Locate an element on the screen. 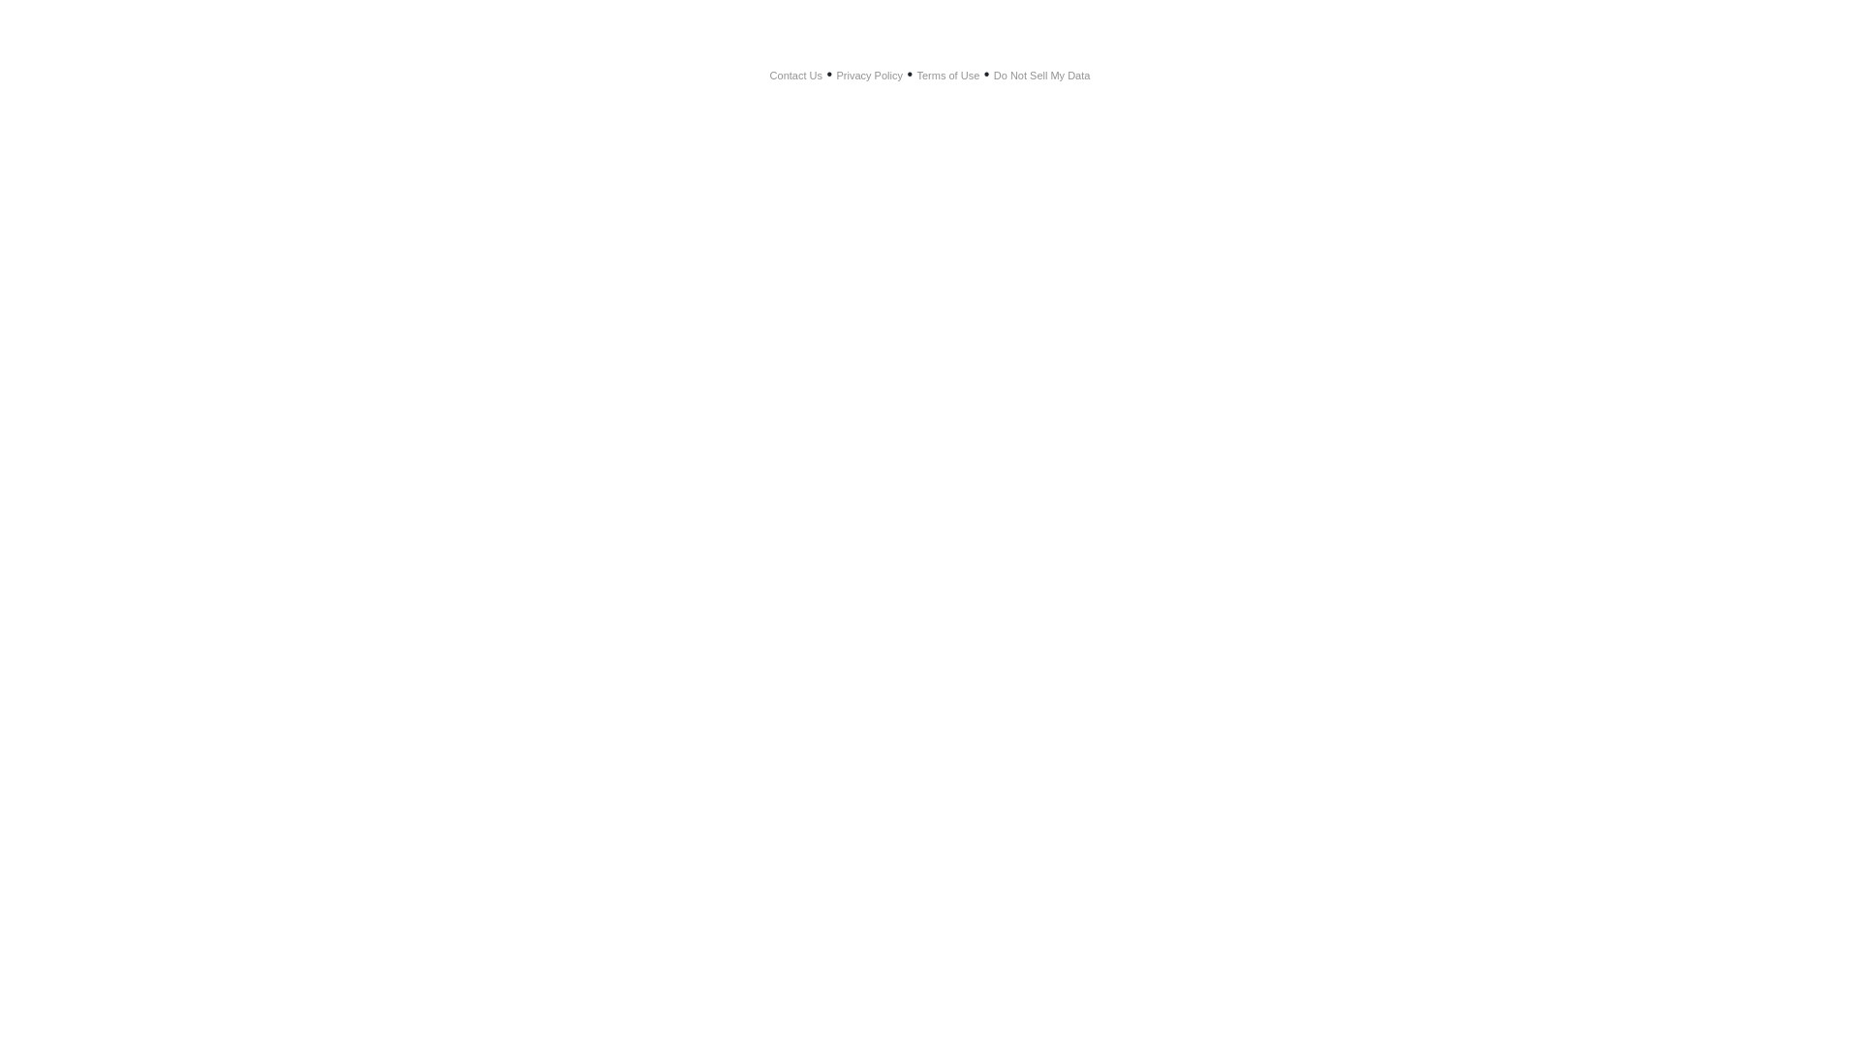 This screenshot has width=1860, height=1046. 'Do Not Sell My Data' is located at coordinates (1040, 74).